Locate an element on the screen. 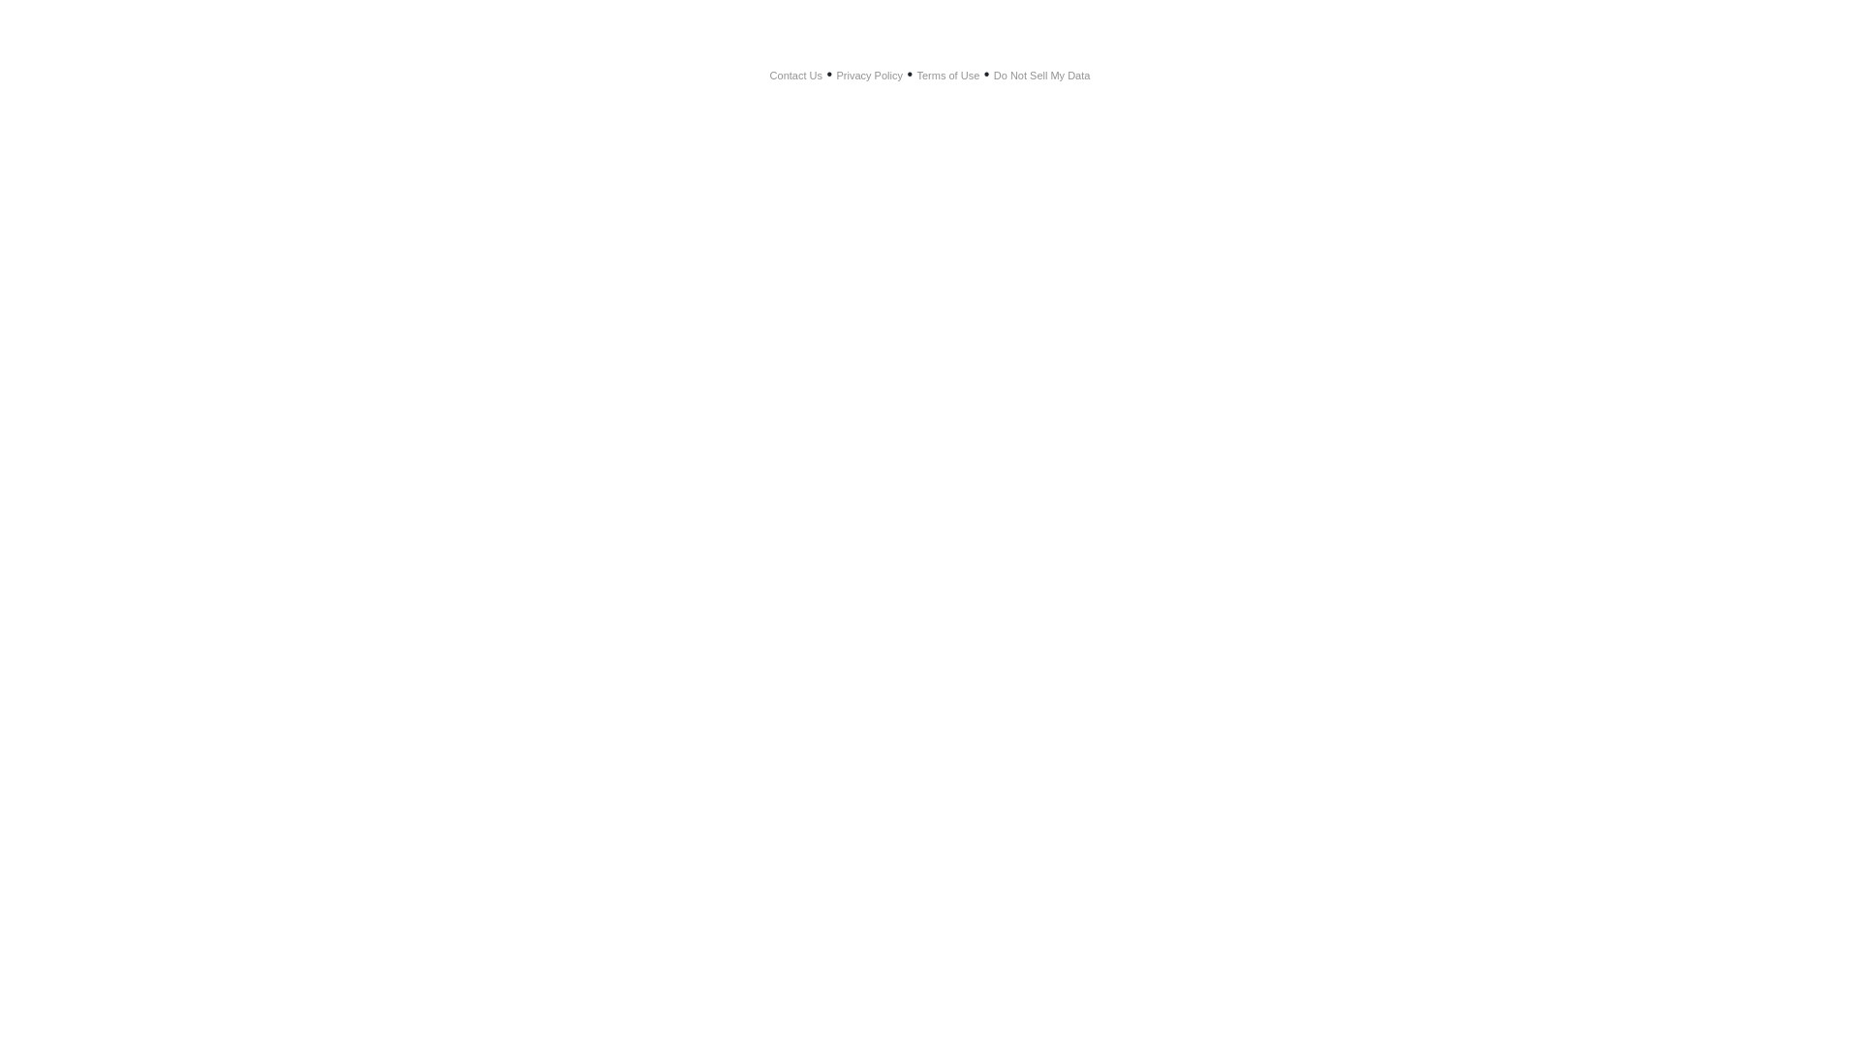 This screenshot has width=1860, height=1046. 'Do Not Sell My Data' is located at coordinates (1040, 74).